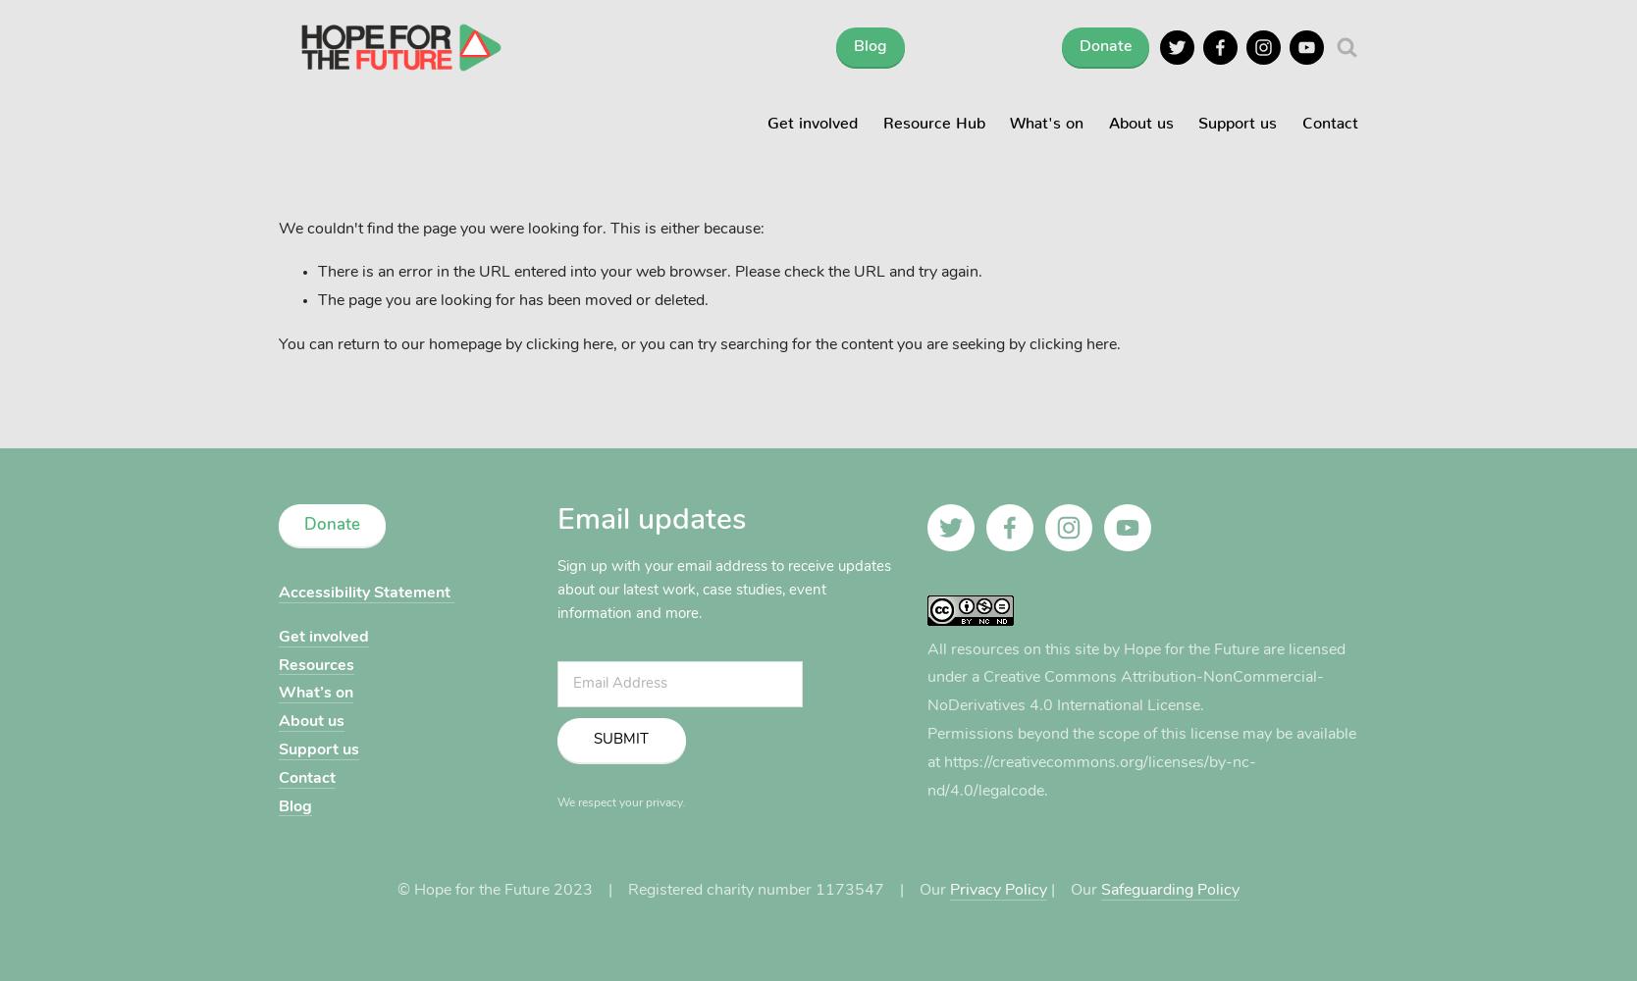 This screenshot has height=981, width=1637. I want to click on 'are licensed under a', so click(1135, 663).